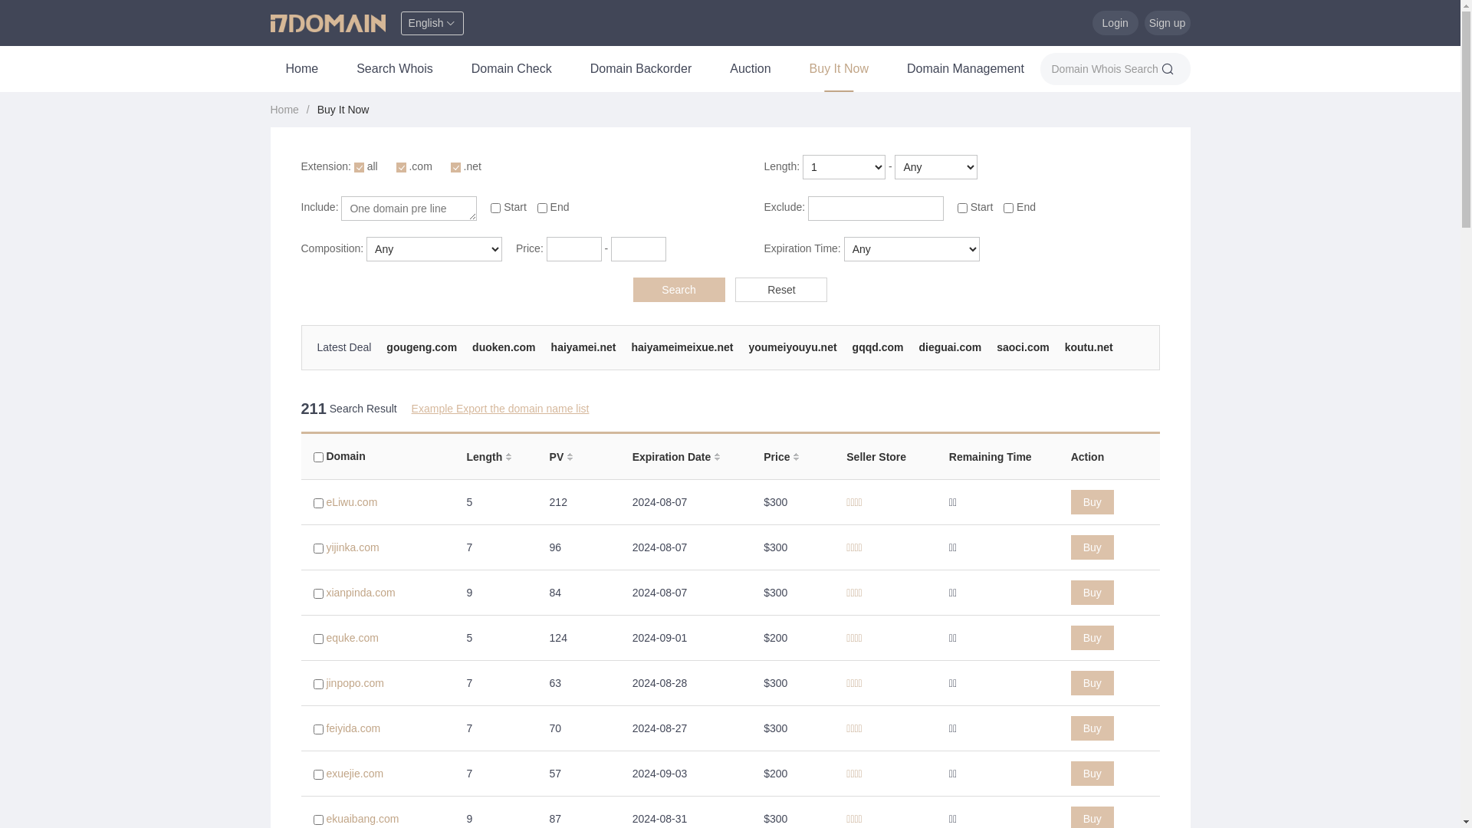  I want to click on 'duoken.com', so click(471, 347).